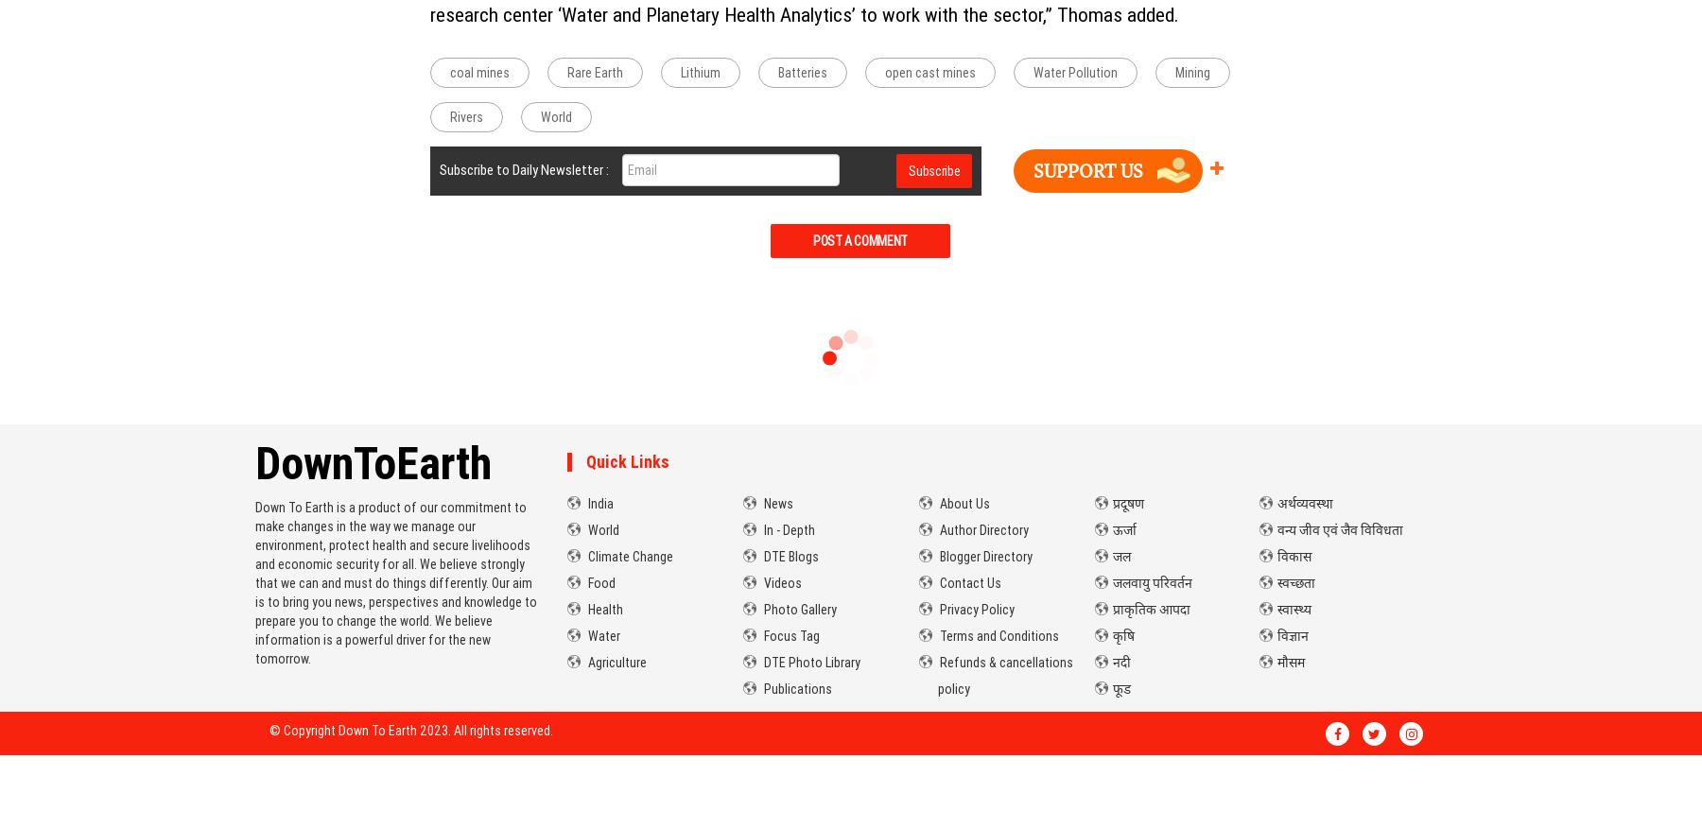 The width and height of the screenshot is (1702, 828). What do you see at coordinates (982, 528) in the screenshot?
I see `'Author Directory'` at bounding box center [982, 528].